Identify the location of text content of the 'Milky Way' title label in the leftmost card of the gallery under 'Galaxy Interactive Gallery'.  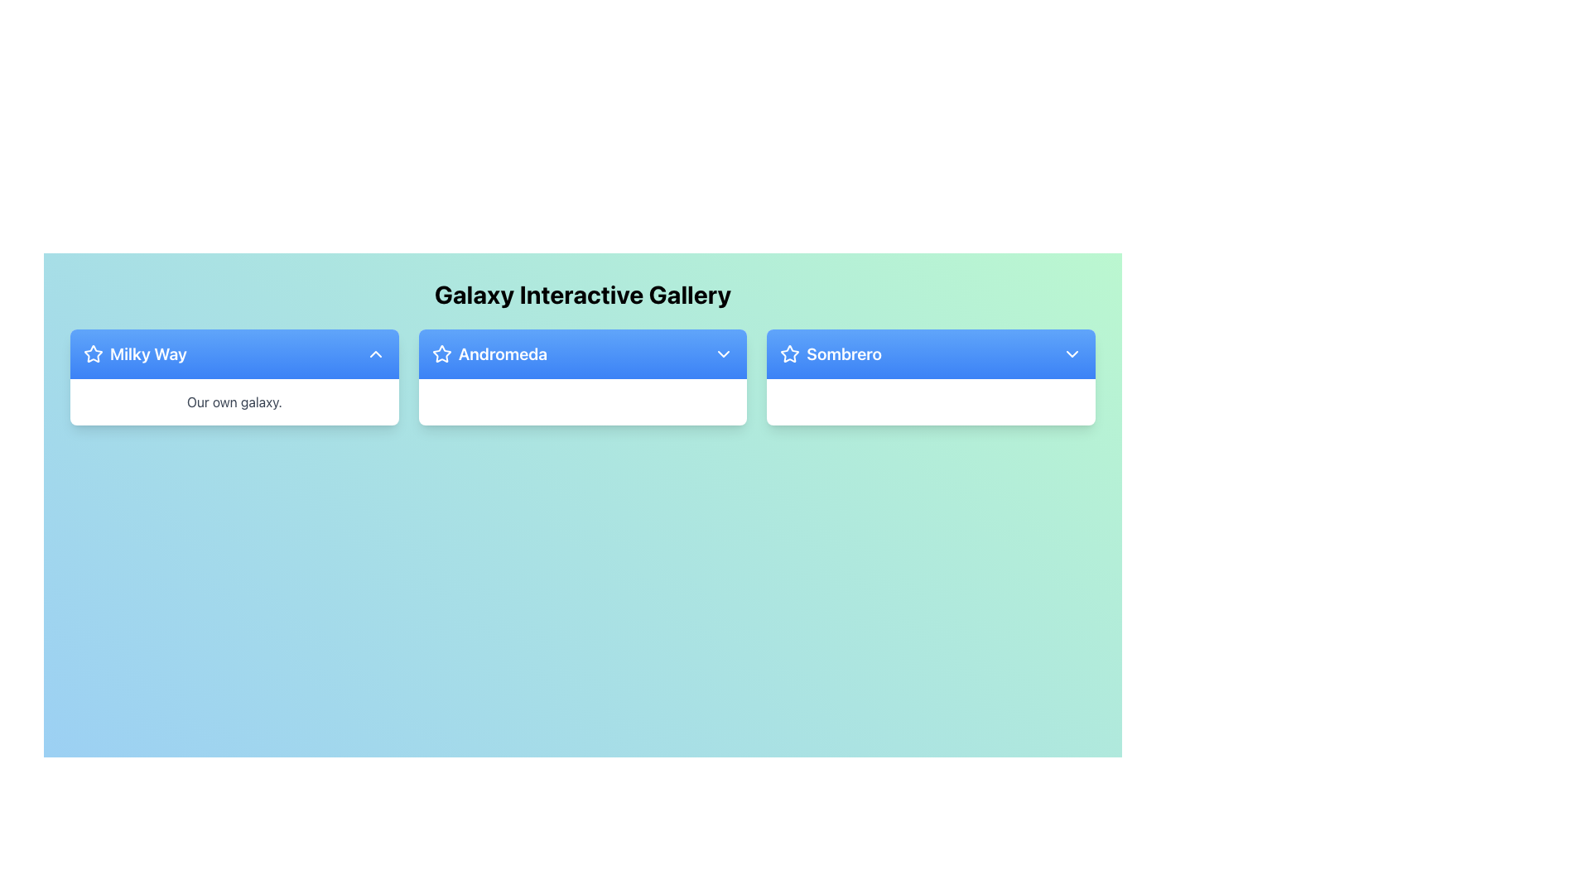
(135, 353).